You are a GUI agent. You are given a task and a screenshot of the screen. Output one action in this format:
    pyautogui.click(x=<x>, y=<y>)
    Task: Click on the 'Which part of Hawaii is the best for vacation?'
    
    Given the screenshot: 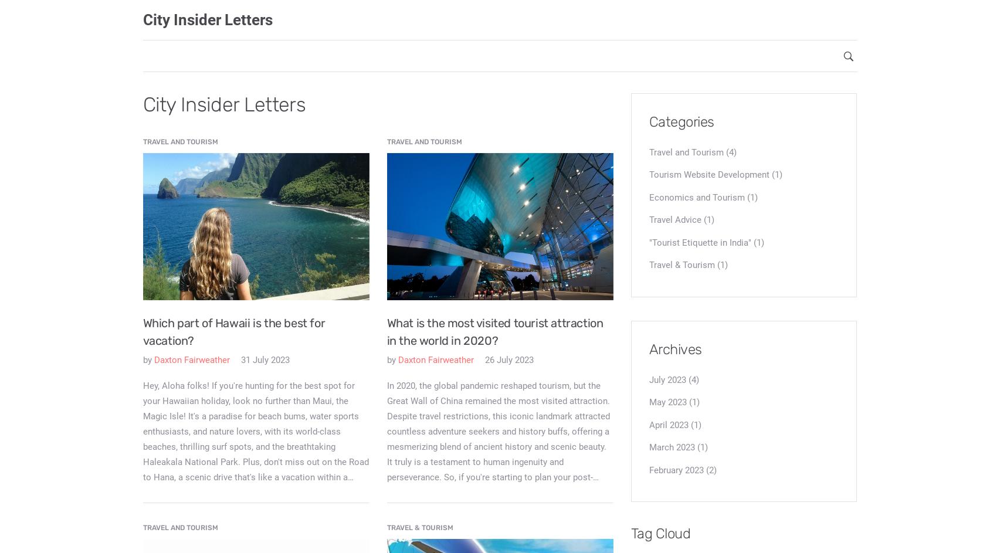 What is the action you would take?
    pyautogui.click(x=233, y=331)
    